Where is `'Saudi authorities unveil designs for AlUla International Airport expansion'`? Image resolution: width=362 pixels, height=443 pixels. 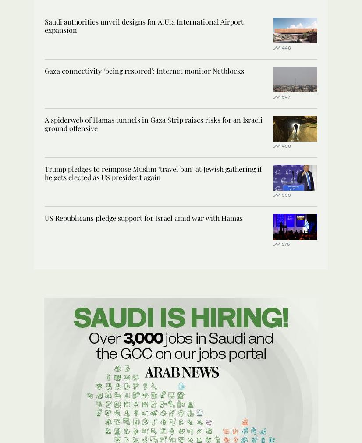 'Saudi authorities unveil designs for AlUla International Airport expansion' is located at coordinates (143, 25).